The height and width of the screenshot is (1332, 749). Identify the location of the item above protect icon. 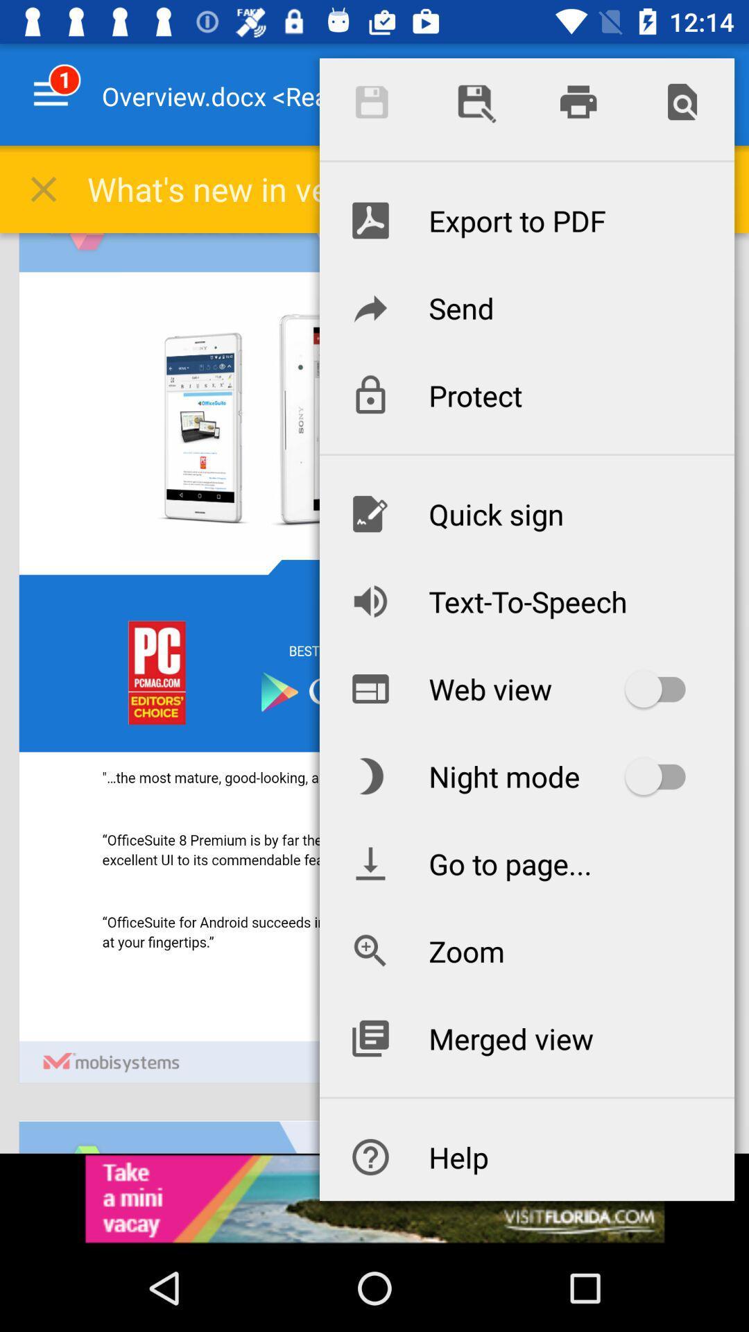
(526, 307).